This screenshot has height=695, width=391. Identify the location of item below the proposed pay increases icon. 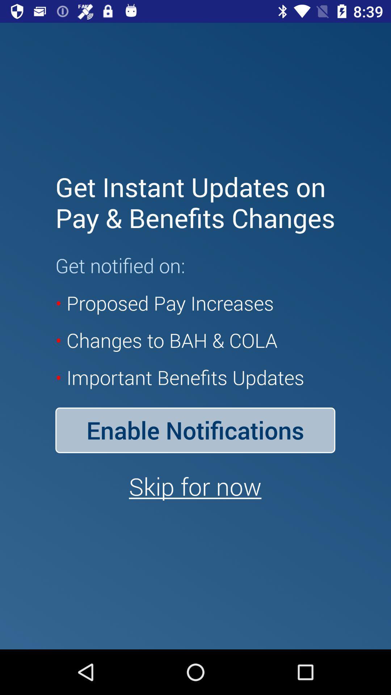
(195, 430).